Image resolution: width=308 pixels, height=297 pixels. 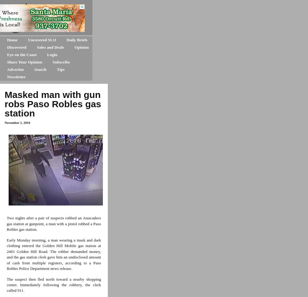 What do you see at coordinates (17, 123) in the screenshot?
I see `'November 1, 2016'` at bounding box center [17, 123].